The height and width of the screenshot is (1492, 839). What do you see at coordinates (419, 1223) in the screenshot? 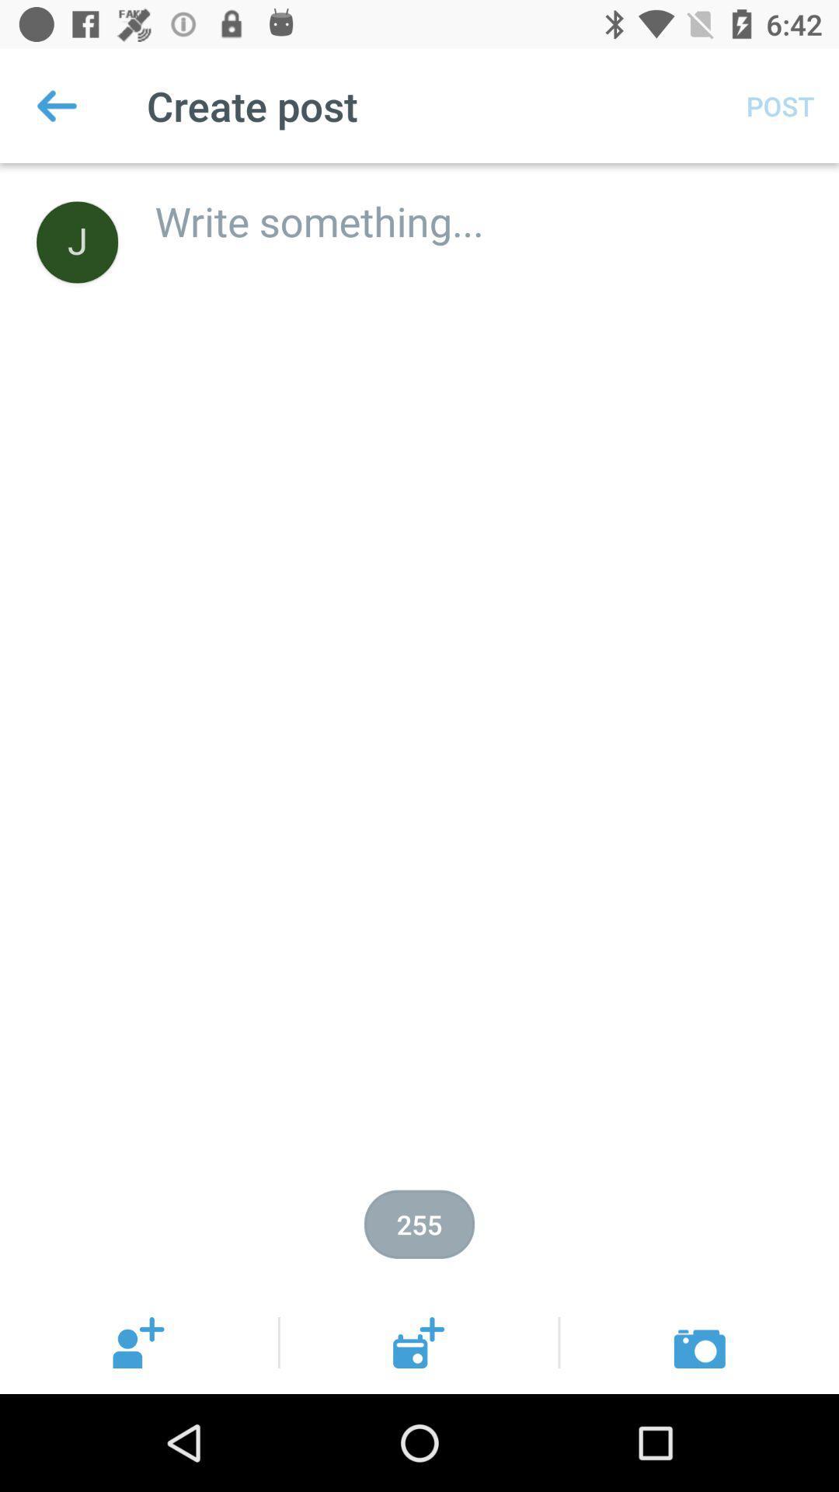
I see `255 item` at bounding box center [419, 1223].